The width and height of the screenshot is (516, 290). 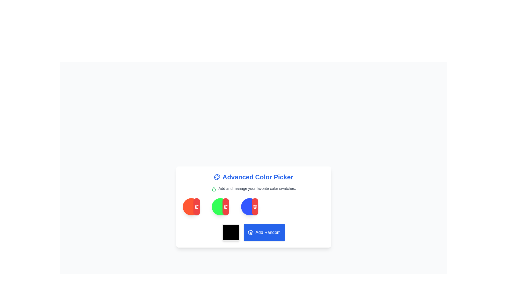 What do you see at coordinates (226, 206) in the screenshot?
I see `the trash icon located inside the red circular button at the top-right corner of the color swatch` at bounding box center [226, 206].